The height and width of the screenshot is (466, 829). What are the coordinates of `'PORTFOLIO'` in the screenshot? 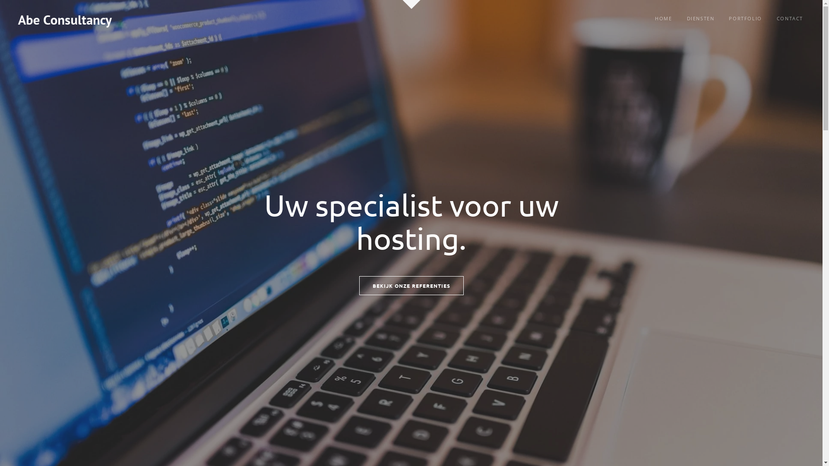 It's located at (722, 18).